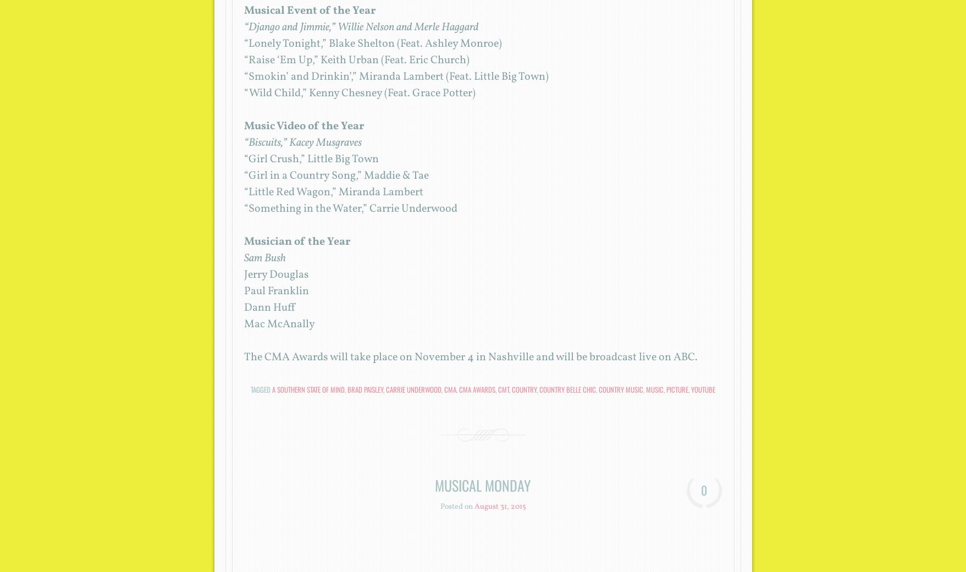 The height and width of the screenshot is (572, 966). What do you see at coordinates (498, 389) in the screenshot?
I see `'cmt'` at bounding box center [498, 389].